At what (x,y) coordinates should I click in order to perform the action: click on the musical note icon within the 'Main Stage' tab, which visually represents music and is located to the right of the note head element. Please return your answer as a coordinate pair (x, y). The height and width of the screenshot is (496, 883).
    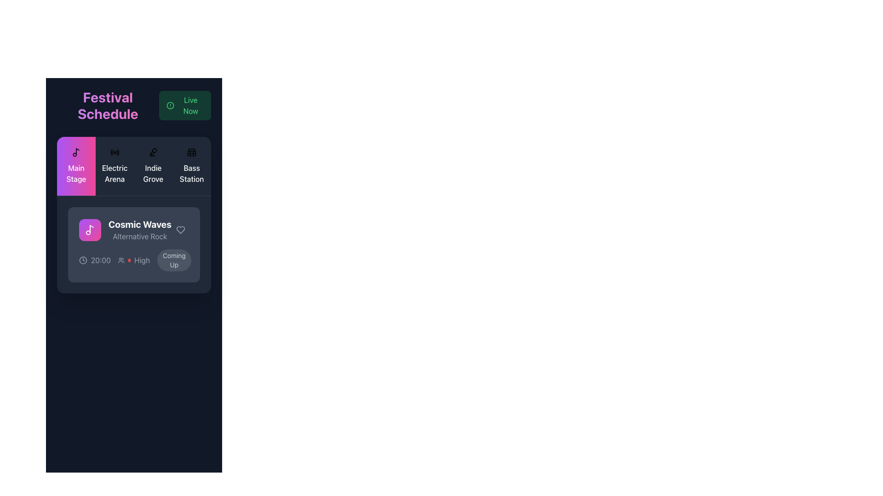
    Looking at the image, I should click on (92, 228).